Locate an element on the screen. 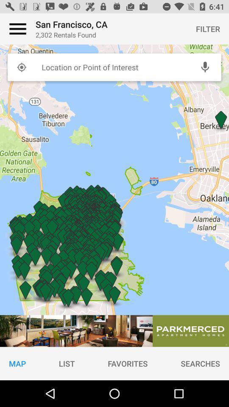 This screenshot has height=407, width=229. the location_crosshair icon is located at coordinates (21, 67).